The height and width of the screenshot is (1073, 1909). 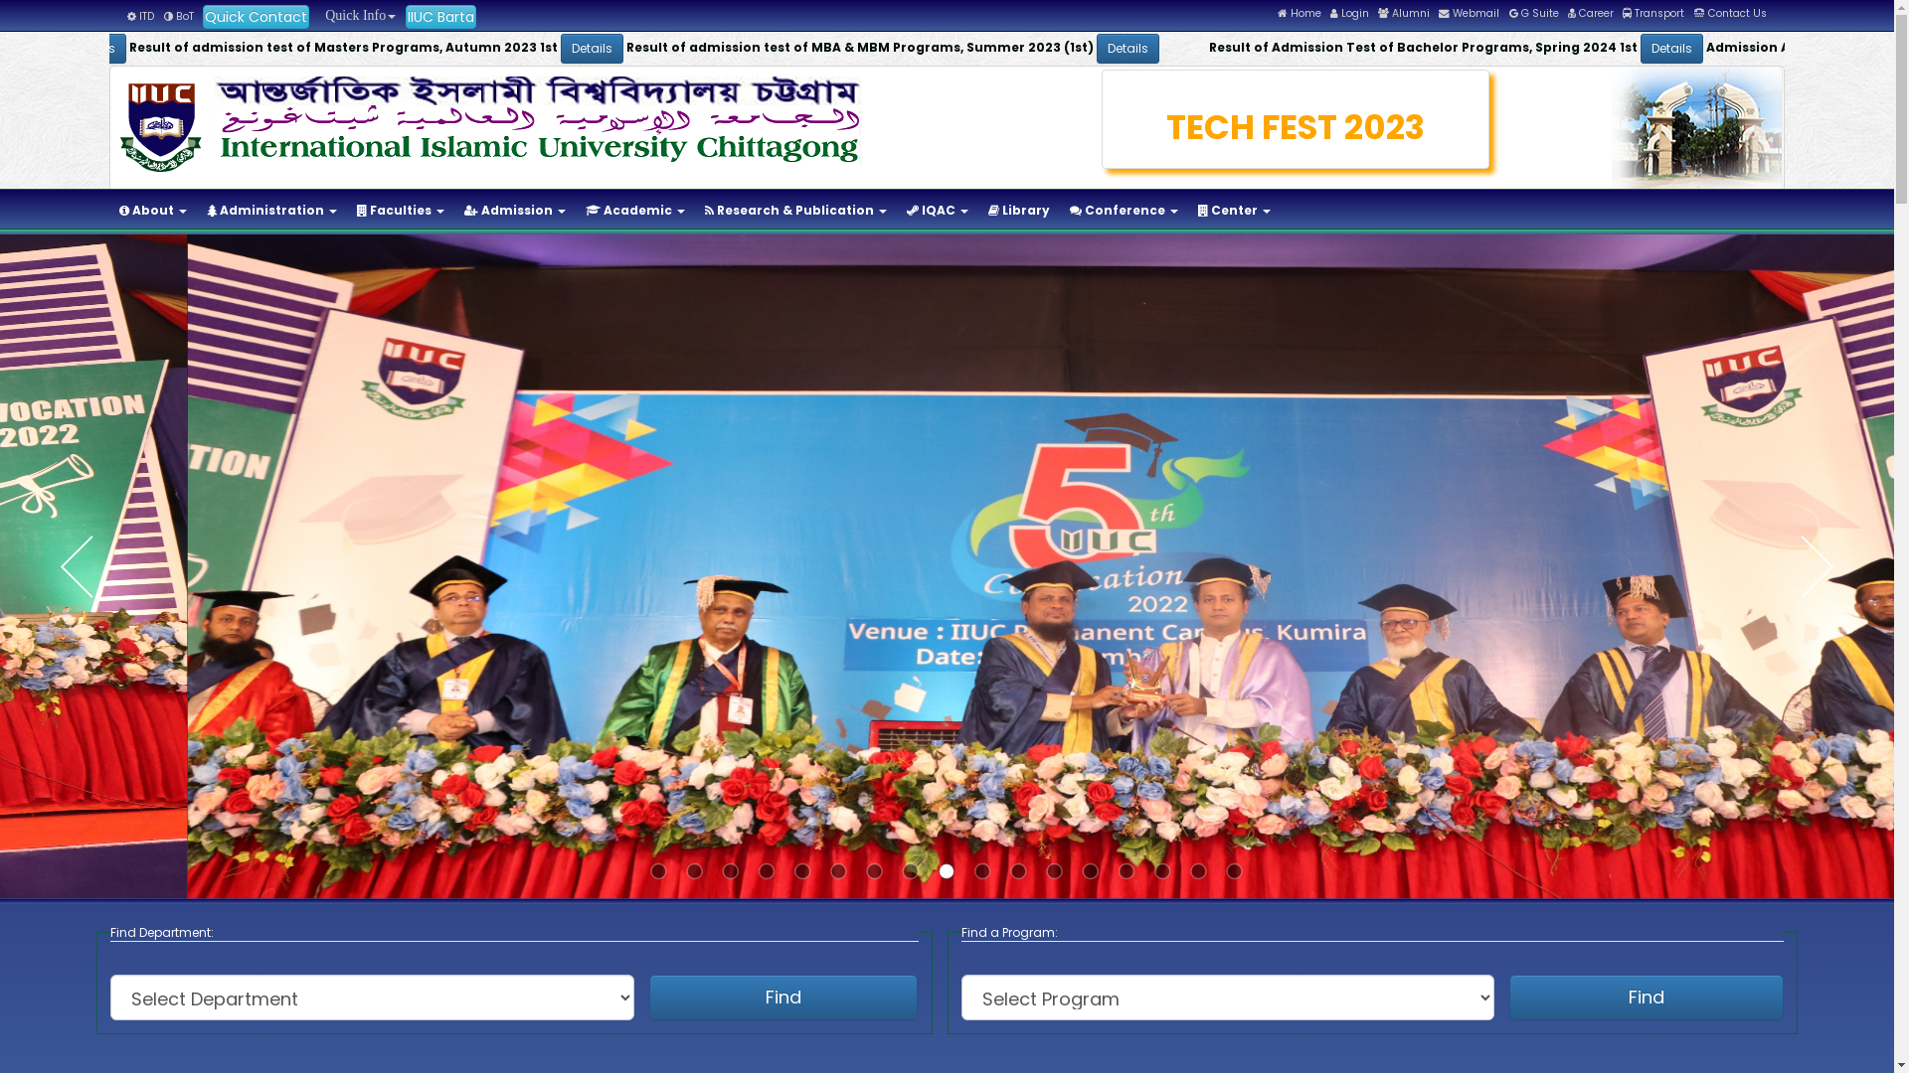 What do you see at coordinates (896, 211) in the screenshot?
I see `'IQAC'` at bounding box center [896, 211].